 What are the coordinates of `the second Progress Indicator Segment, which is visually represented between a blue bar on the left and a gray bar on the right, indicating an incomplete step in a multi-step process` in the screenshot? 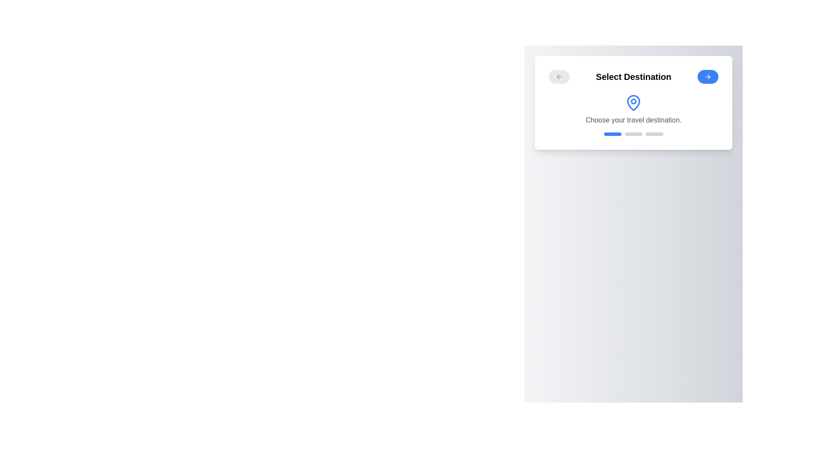 It's located at (634, 134).